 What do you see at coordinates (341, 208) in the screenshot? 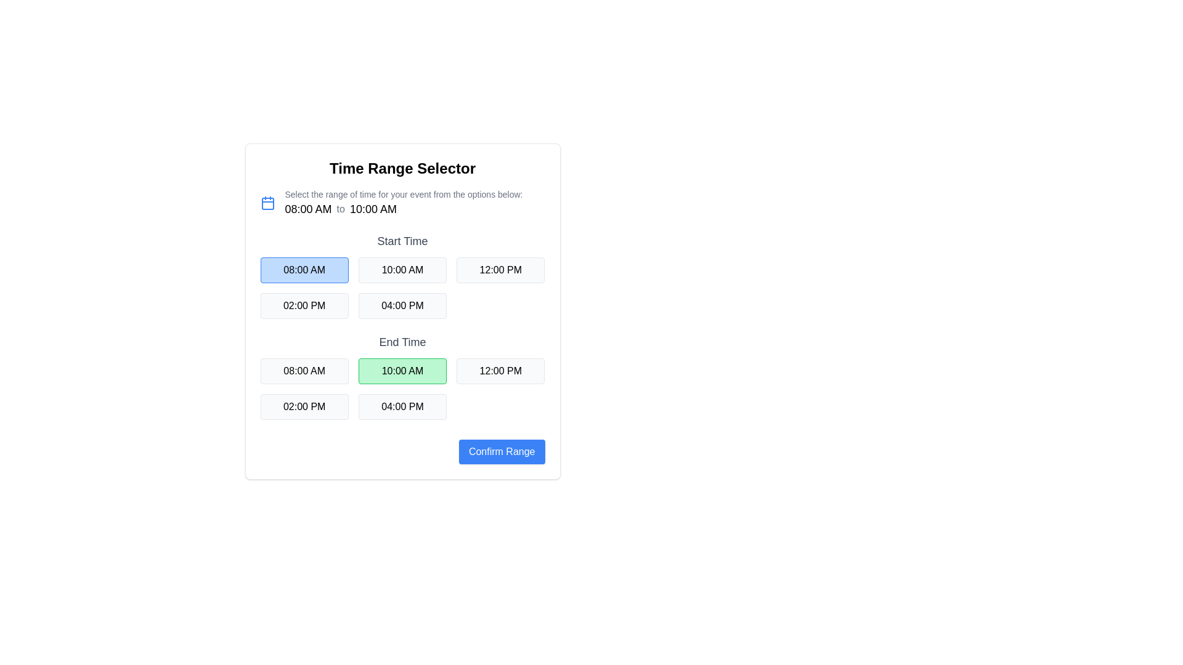
I see `the Label displaying the text 'to', which is styled in gray color and positioned between the time strings '08:00 AM' and '10:00 AM'` at bounding box center [341, 208].